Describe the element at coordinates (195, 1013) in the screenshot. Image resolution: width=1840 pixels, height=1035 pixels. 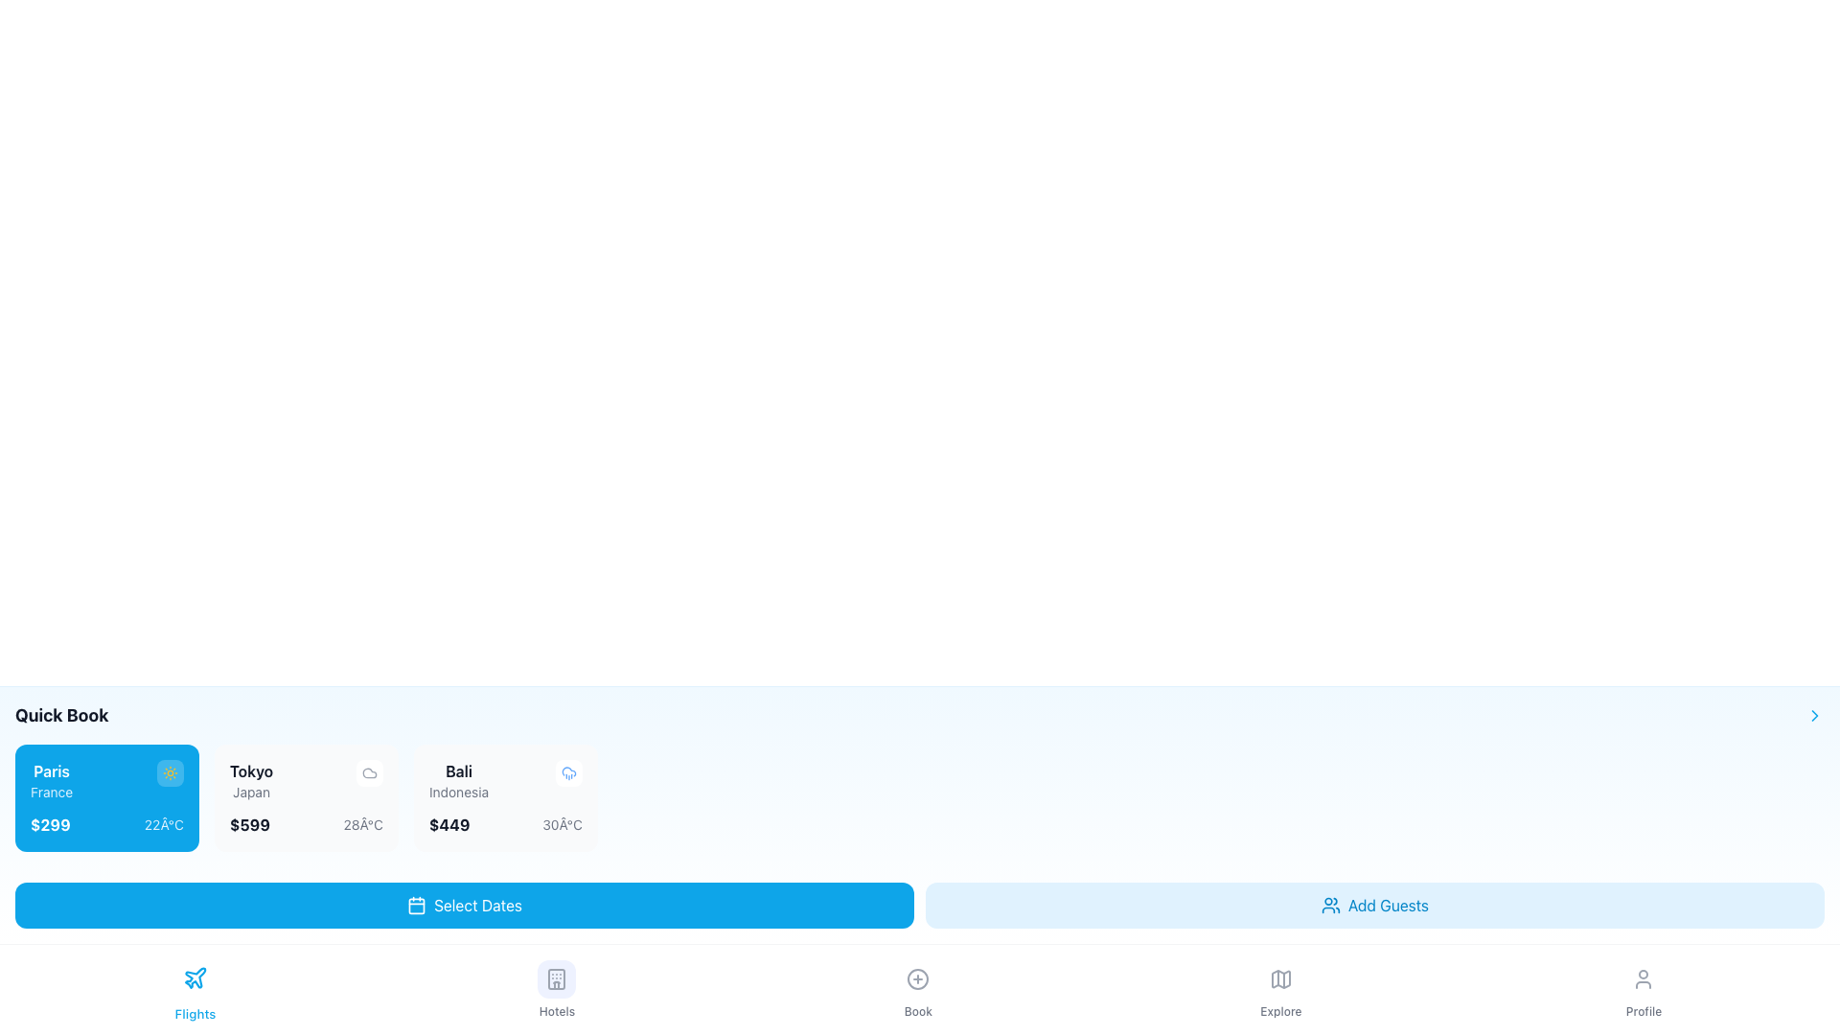
I see `text label displaying 'Flights' located in the bottom navigation bar, positioned between the 'Hotels' and 'Explore' icons, associated with flight-related actions` at that location.